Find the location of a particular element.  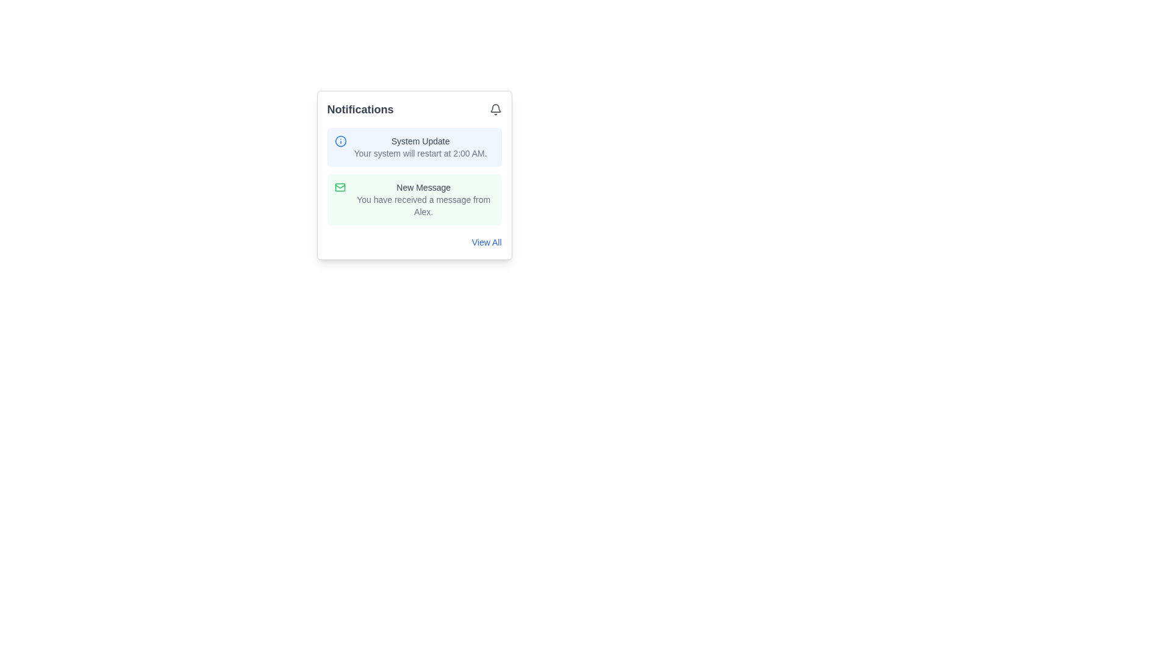

the circular information icon with a blue outline located in the notification card for the 'System Update' notification is located at coordinates (340, 140).